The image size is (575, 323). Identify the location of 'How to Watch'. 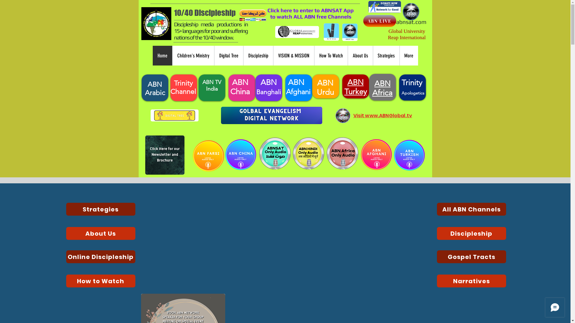
(66, 281).